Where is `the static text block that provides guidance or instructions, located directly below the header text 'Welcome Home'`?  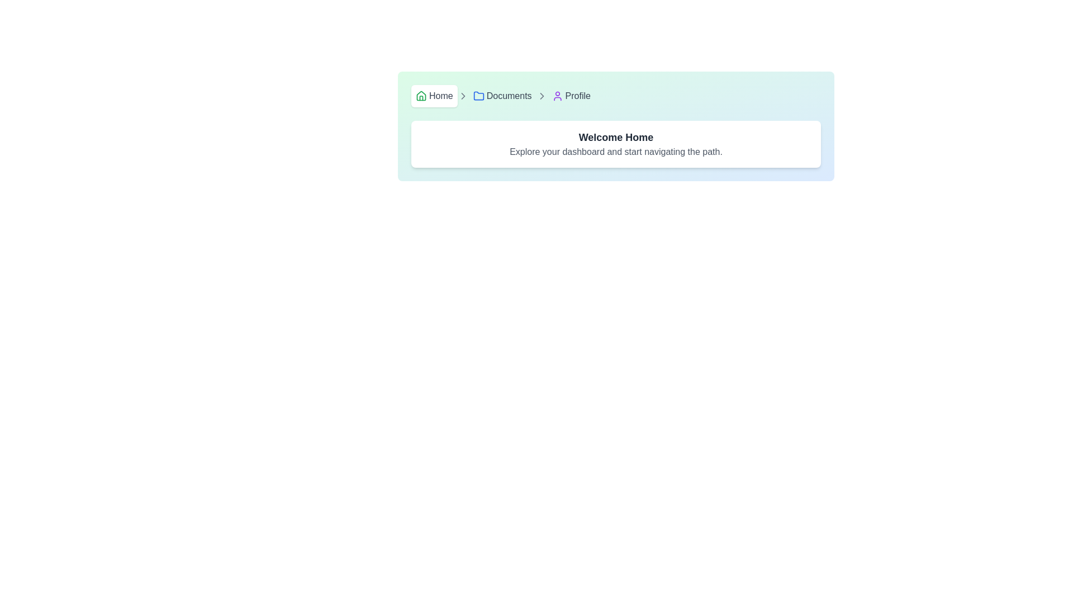
the static text block that provides guidance or instructions, located directly below the header text 'Welcome Home' is located at coordinates (615, 152).